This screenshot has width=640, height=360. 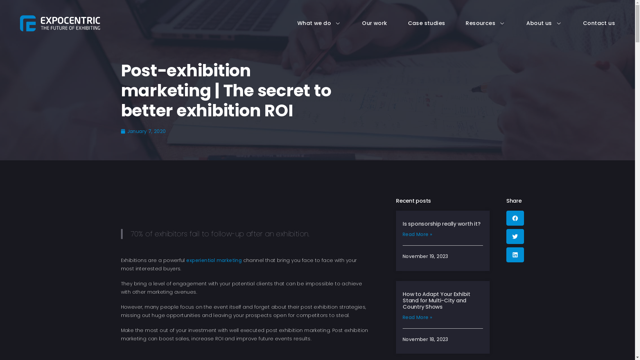 I want to click on 'Case studies', so click(x=416, y=23).